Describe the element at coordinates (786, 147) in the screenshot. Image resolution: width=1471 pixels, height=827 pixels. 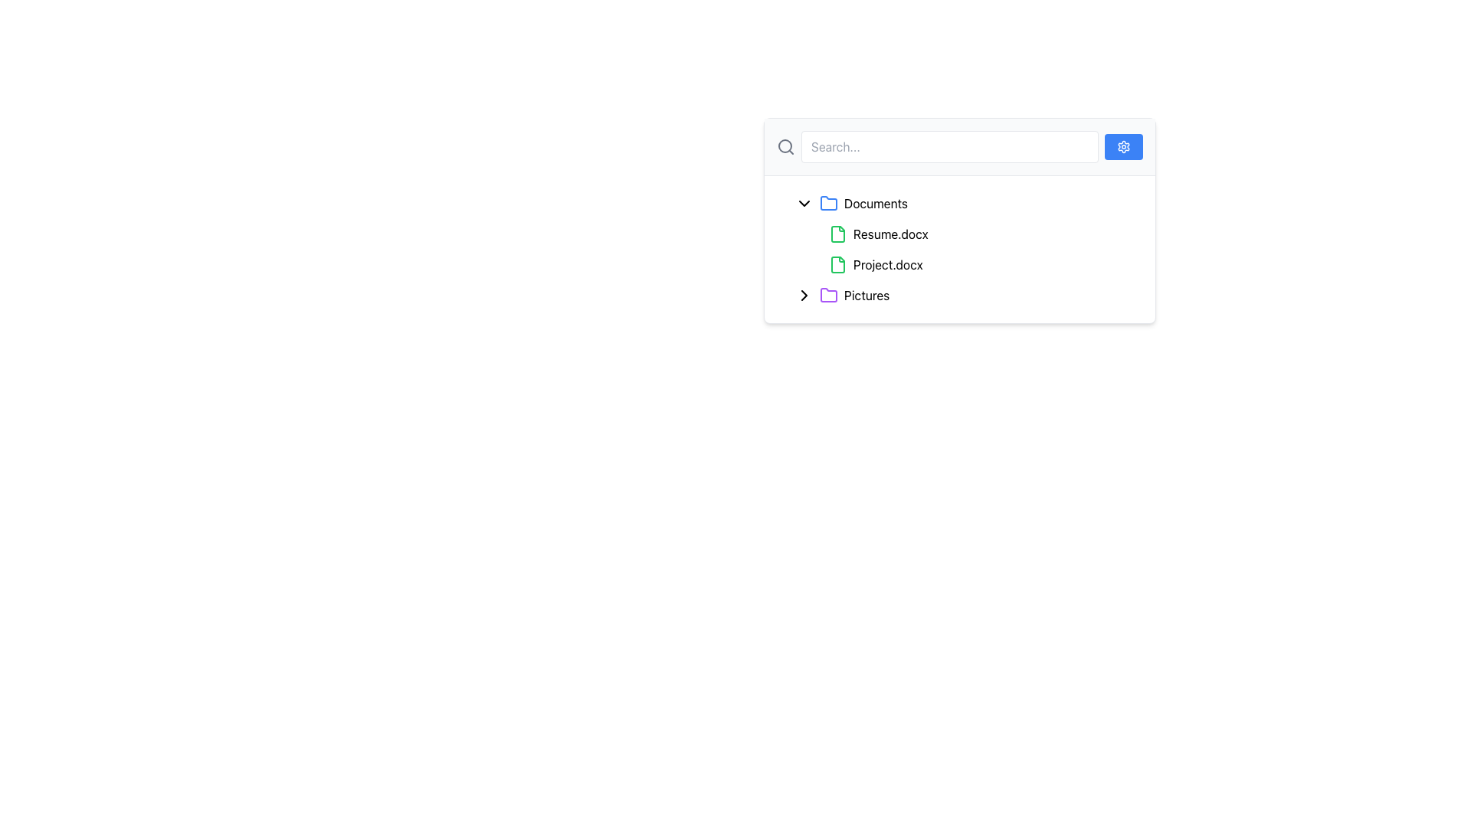
I see `the magnifying glass icon located to the left of the search bar, which represents the search functionality` at that location.